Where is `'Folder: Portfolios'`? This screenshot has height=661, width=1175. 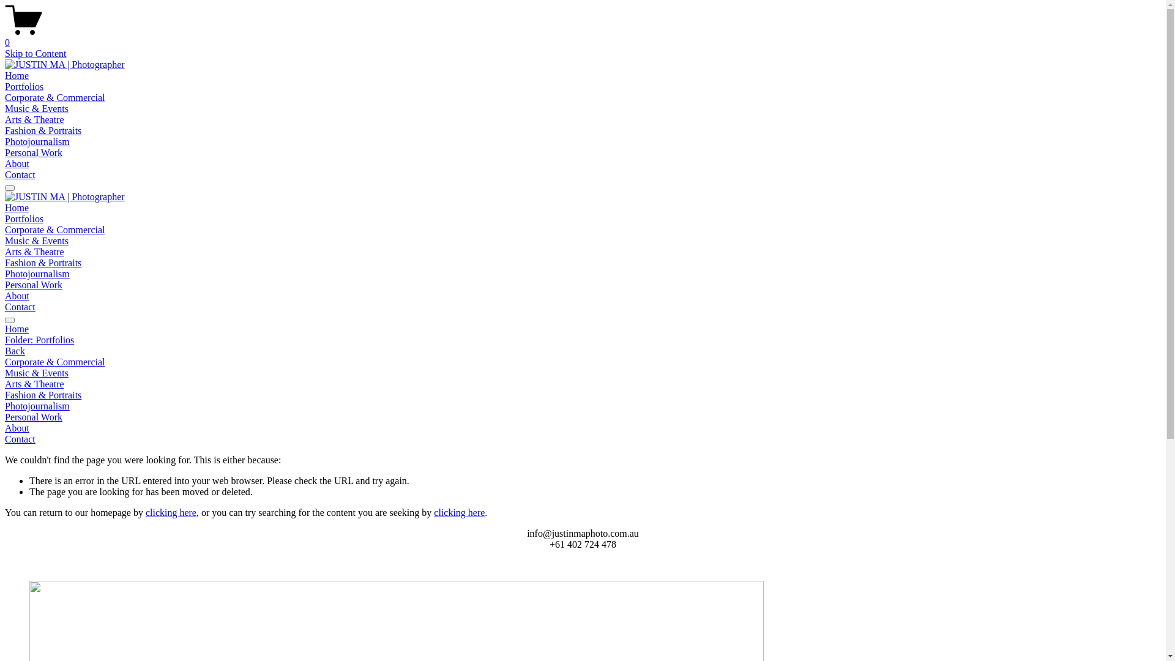
'Folder: Portfolios' is located at coordinates (582, 340).